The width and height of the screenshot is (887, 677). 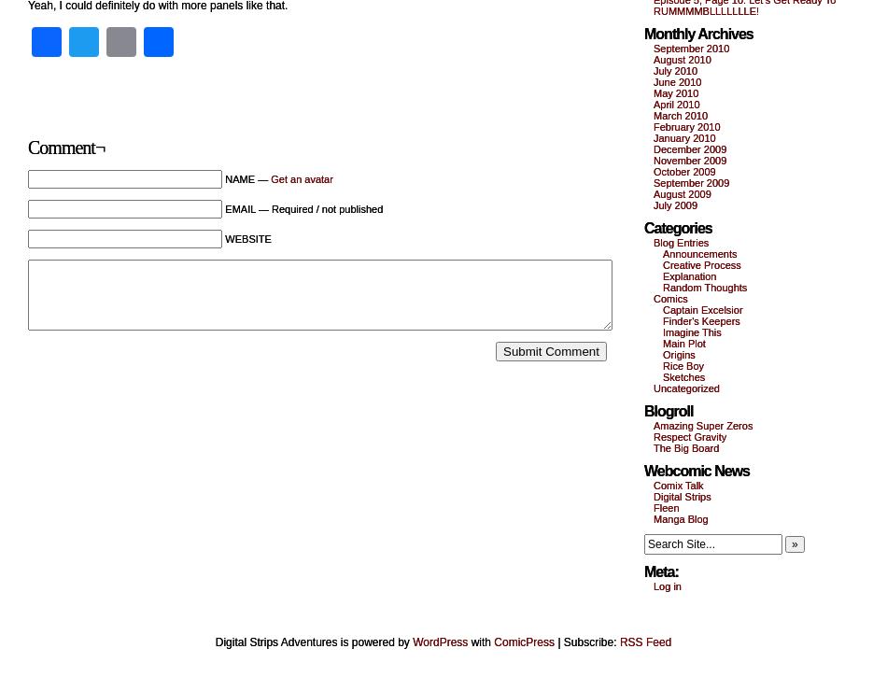 I want to click on 'October 2009', so click(x=653, y=171).